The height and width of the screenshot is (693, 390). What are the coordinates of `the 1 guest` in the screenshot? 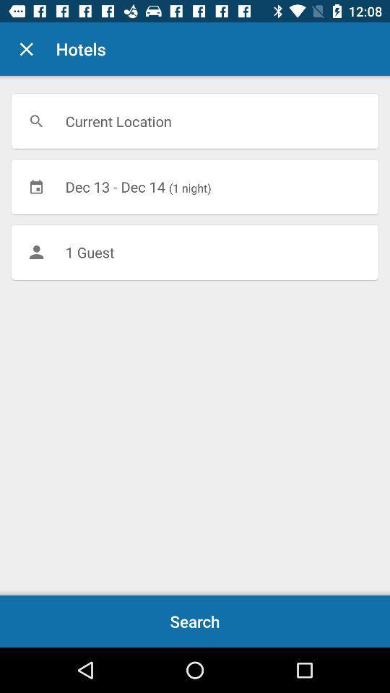 It's located at (195, 252).